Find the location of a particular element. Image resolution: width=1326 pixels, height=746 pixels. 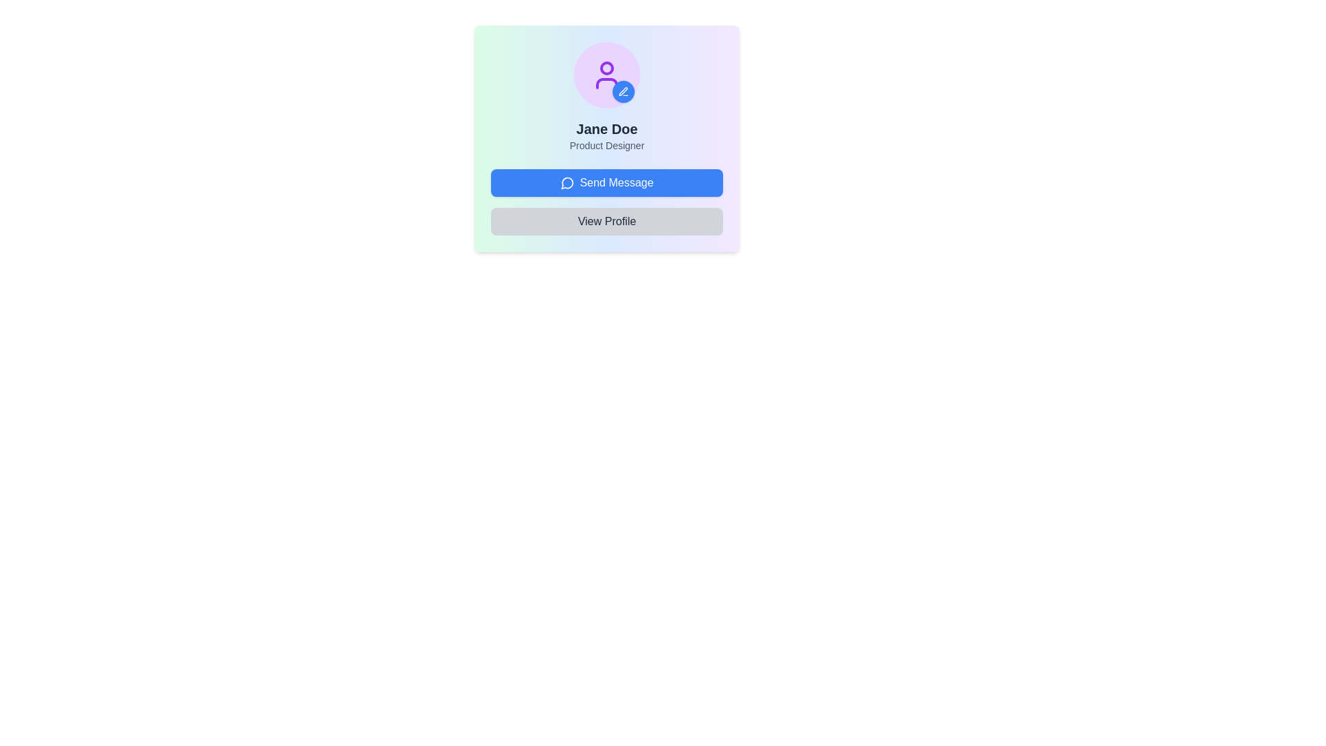

the pen icon located inside a rounded button at the bottom-right corner of the card interface is located at coordinates (622, 91).